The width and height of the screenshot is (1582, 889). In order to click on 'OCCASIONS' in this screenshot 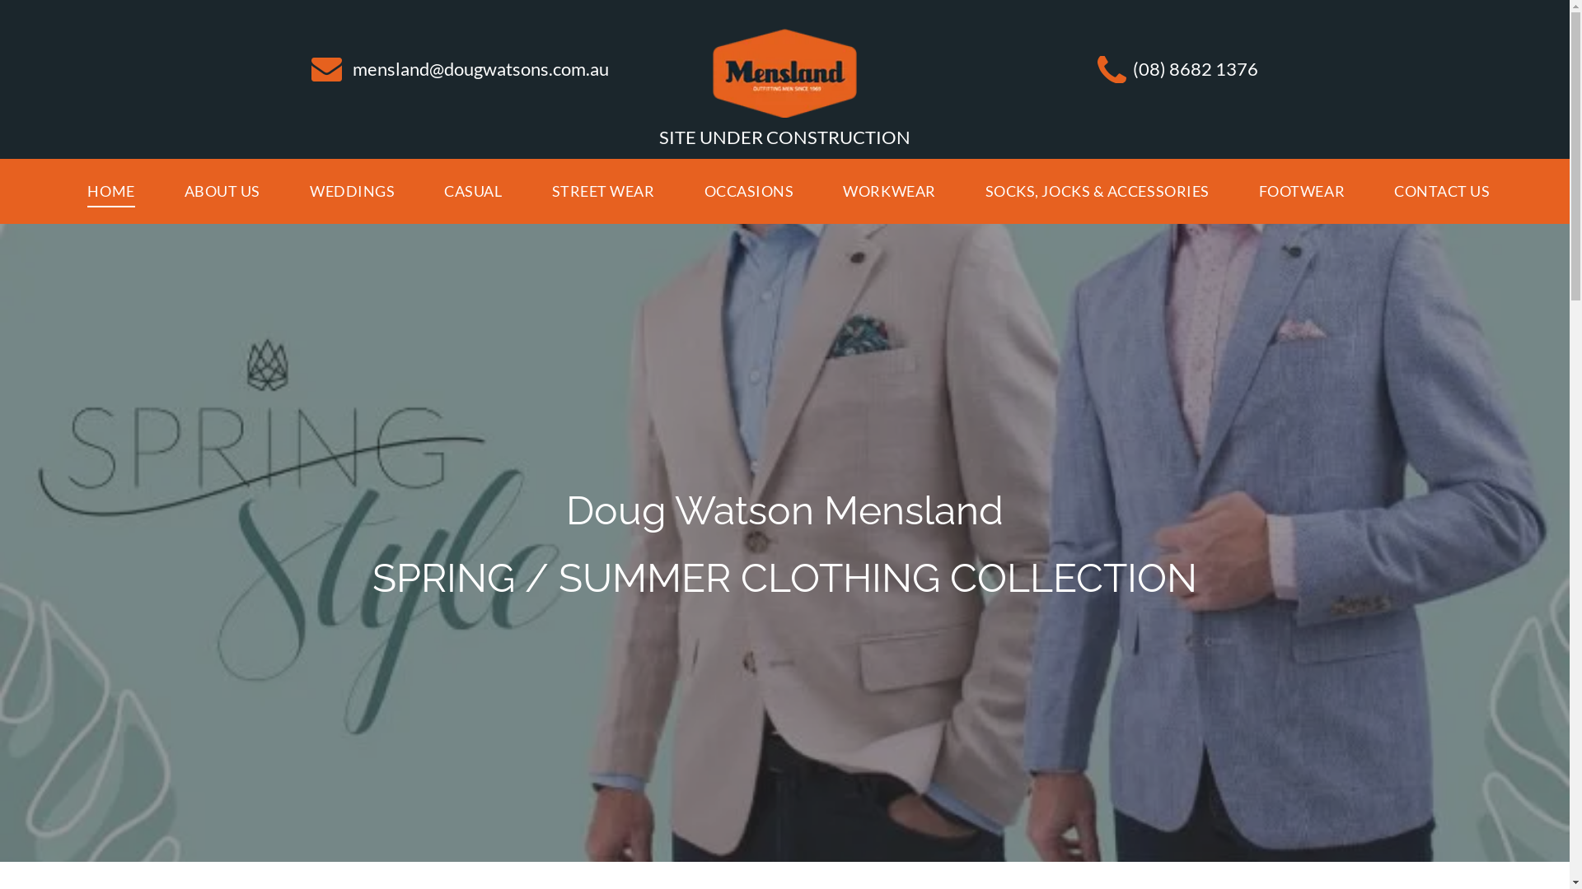, I will do `click(748, 190)`.